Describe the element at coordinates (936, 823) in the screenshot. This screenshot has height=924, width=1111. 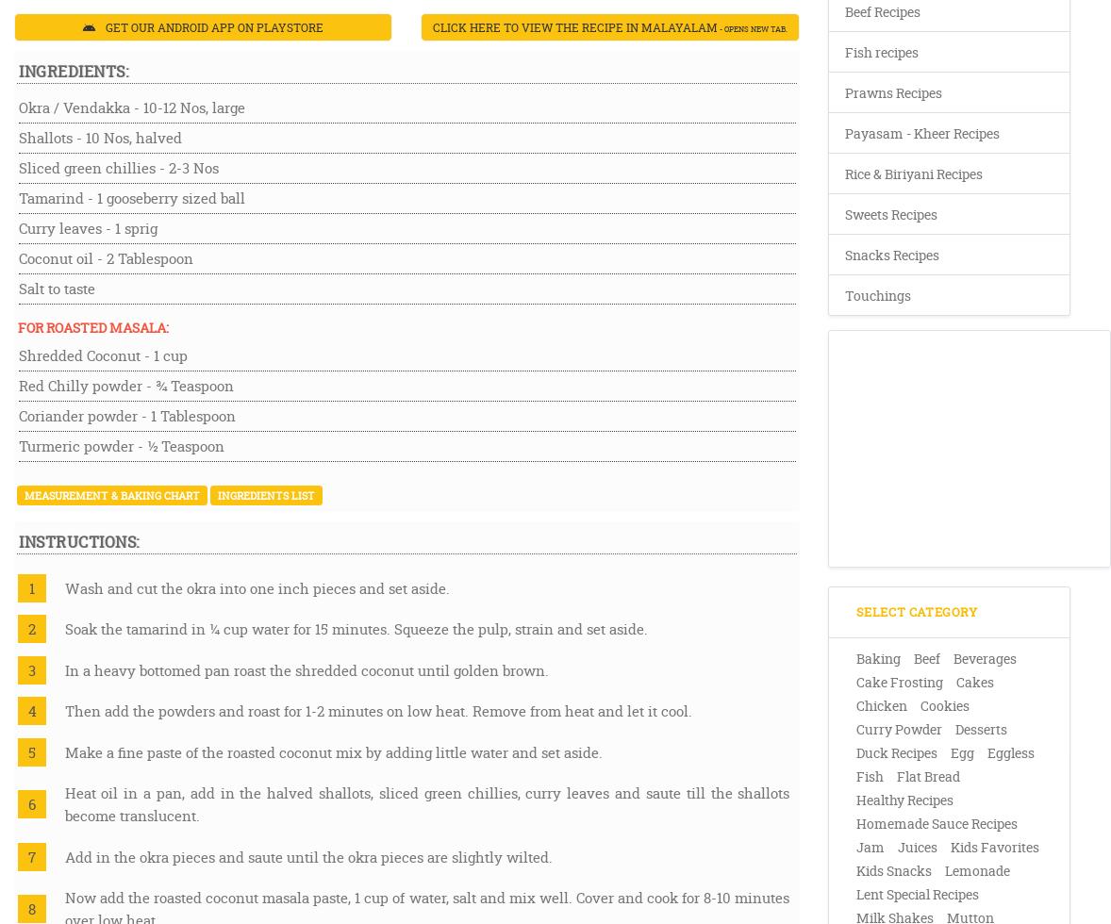
I see `'Homemade Sauce recipes'` at that location.